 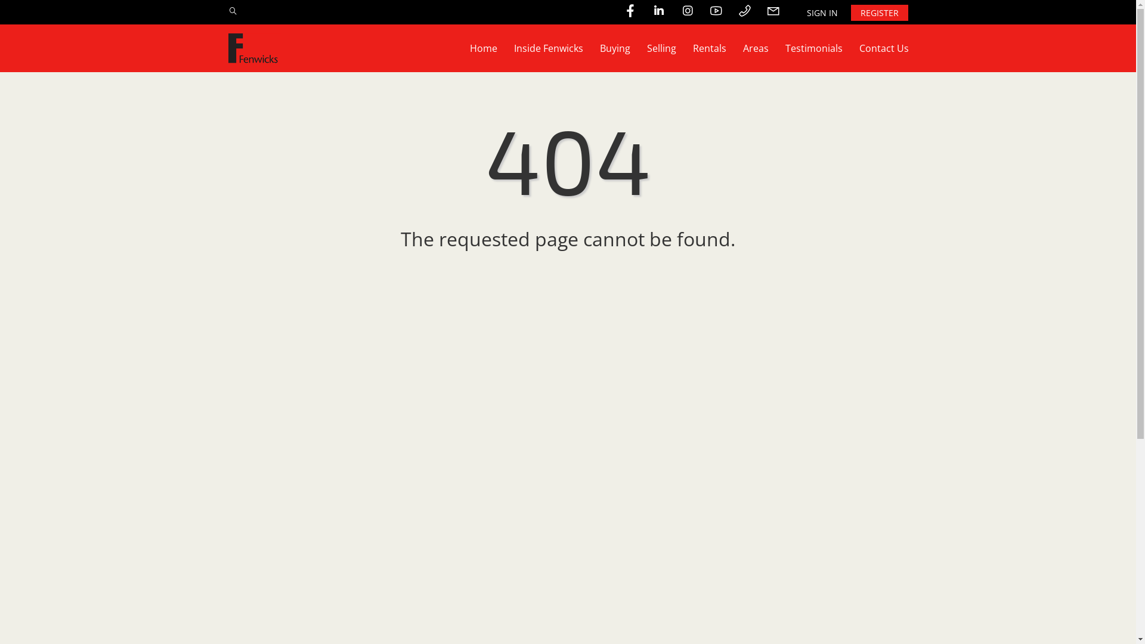 What do you see at coordinates (615, 48) in the screenshot?
I see `'Buying'` at bounding box center [615, 48].